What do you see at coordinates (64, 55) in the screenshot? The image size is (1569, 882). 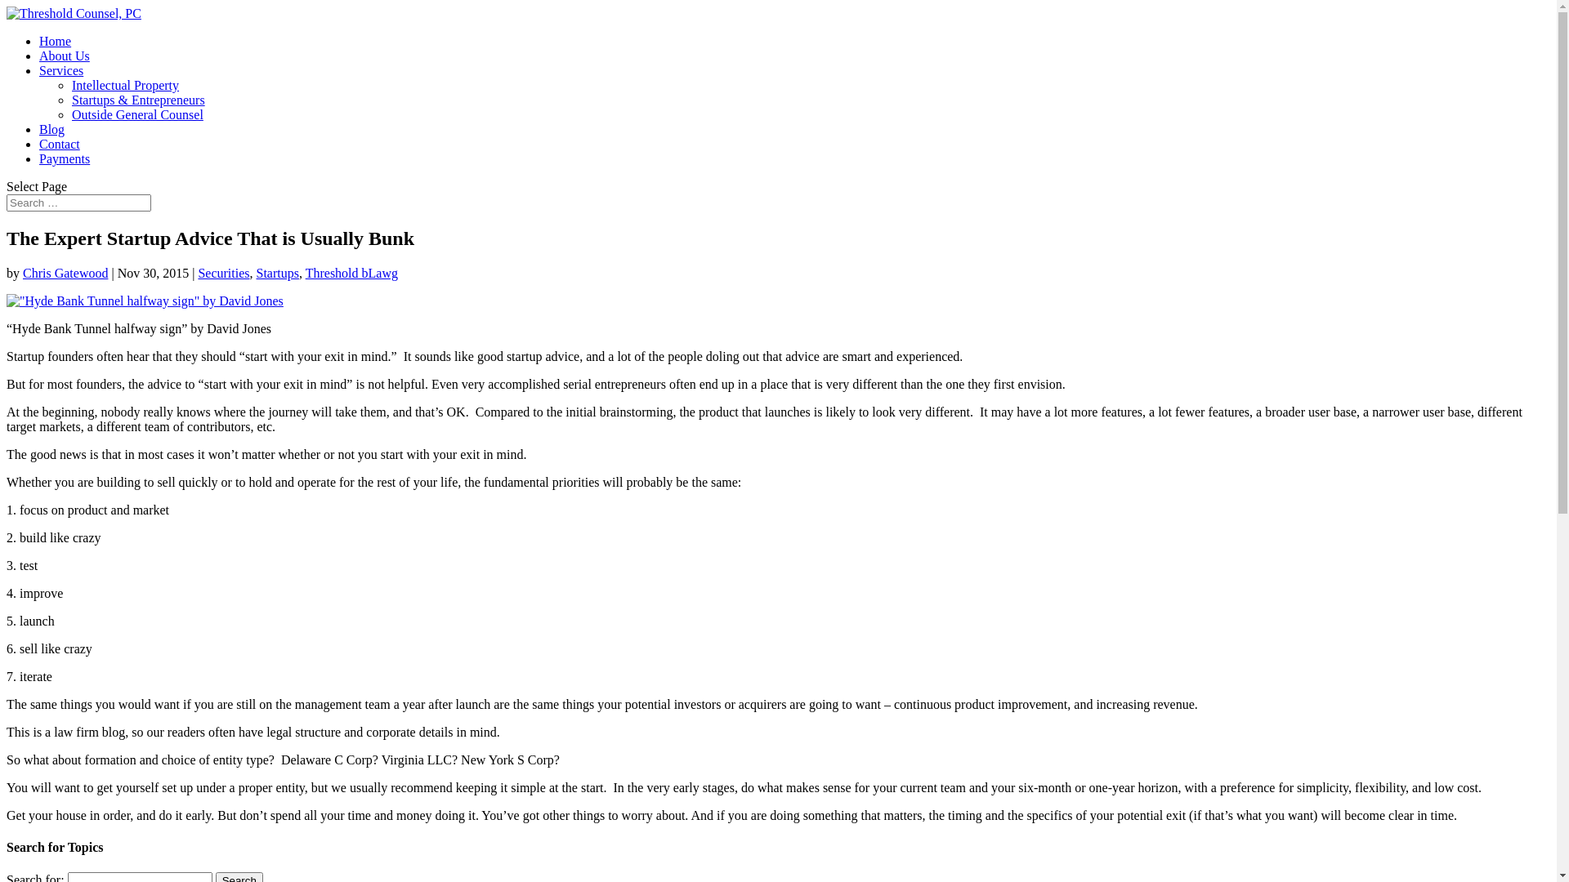 I see `'About Us'` at bounding box center [64, 55].